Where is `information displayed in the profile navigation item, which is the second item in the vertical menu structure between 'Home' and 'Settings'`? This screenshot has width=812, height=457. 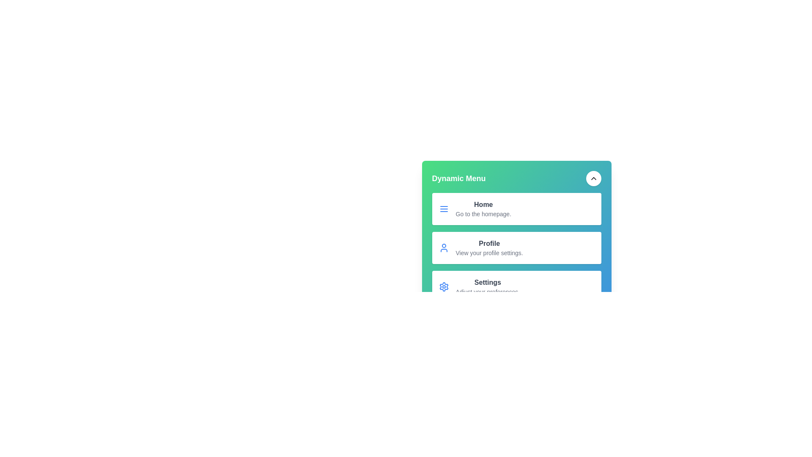
information displayed in the profile navigation item, which is the second item in the vertical menu structure between 'Home' and 'Settings' is located at coordinates (489, 248).